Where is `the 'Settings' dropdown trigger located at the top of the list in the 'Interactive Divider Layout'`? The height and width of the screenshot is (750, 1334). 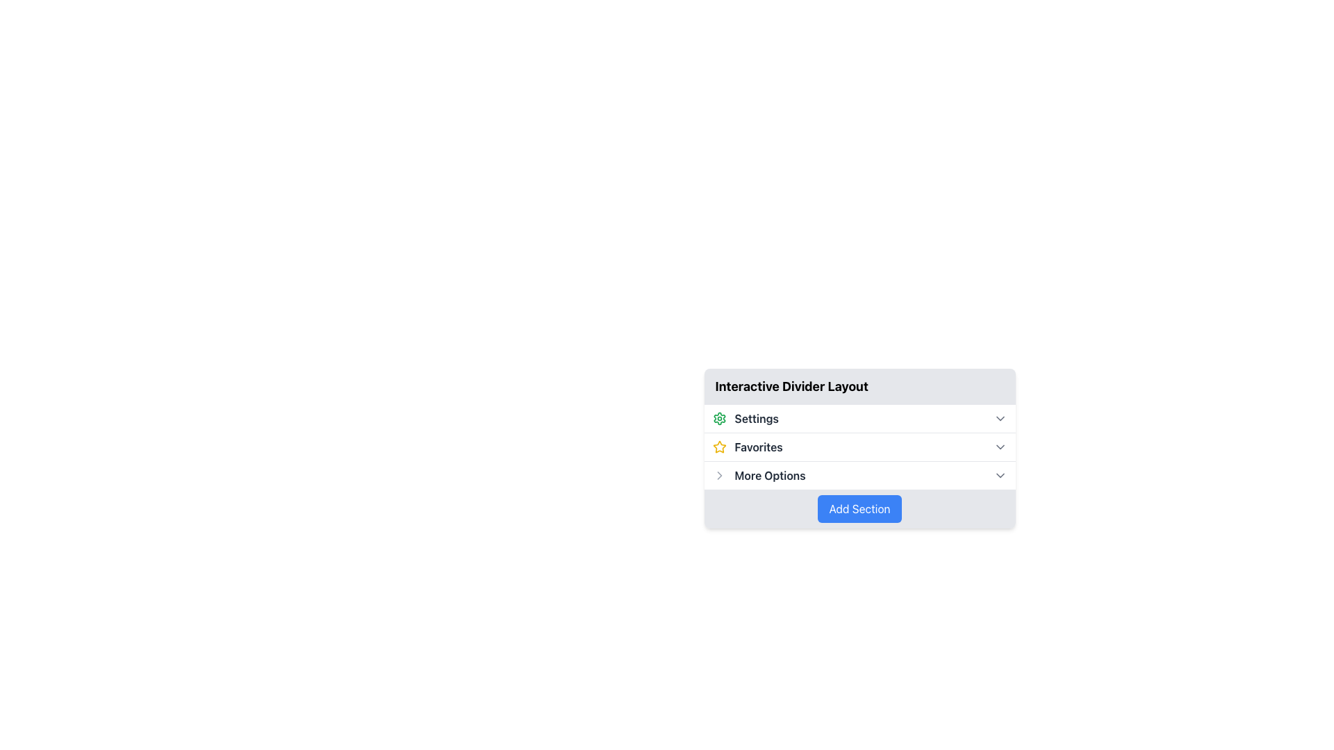 the 'Settings' dropdown trigger located at the top of the list in the 'Interactive Divider Layout' is located at coordinates (859, 417).